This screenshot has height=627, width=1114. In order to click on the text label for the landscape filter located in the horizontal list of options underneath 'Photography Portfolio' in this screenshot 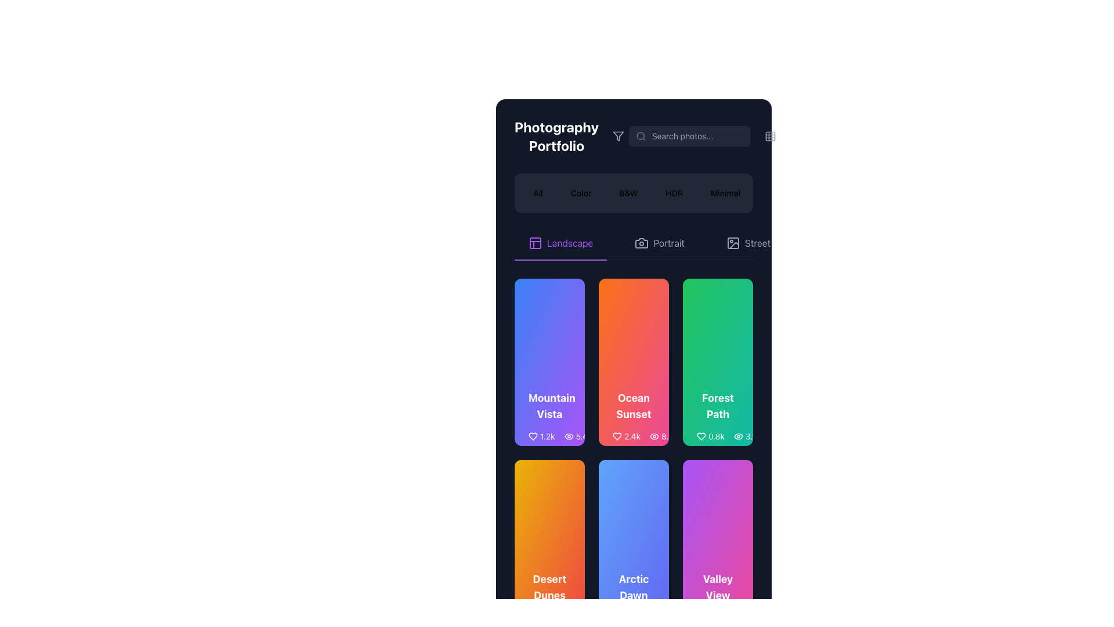, I will do `click(570, 243)`.